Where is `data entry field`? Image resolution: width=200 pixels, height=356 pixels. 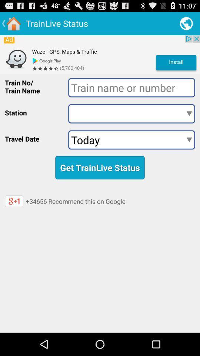
data entry field is located at coordinates (131, 88).